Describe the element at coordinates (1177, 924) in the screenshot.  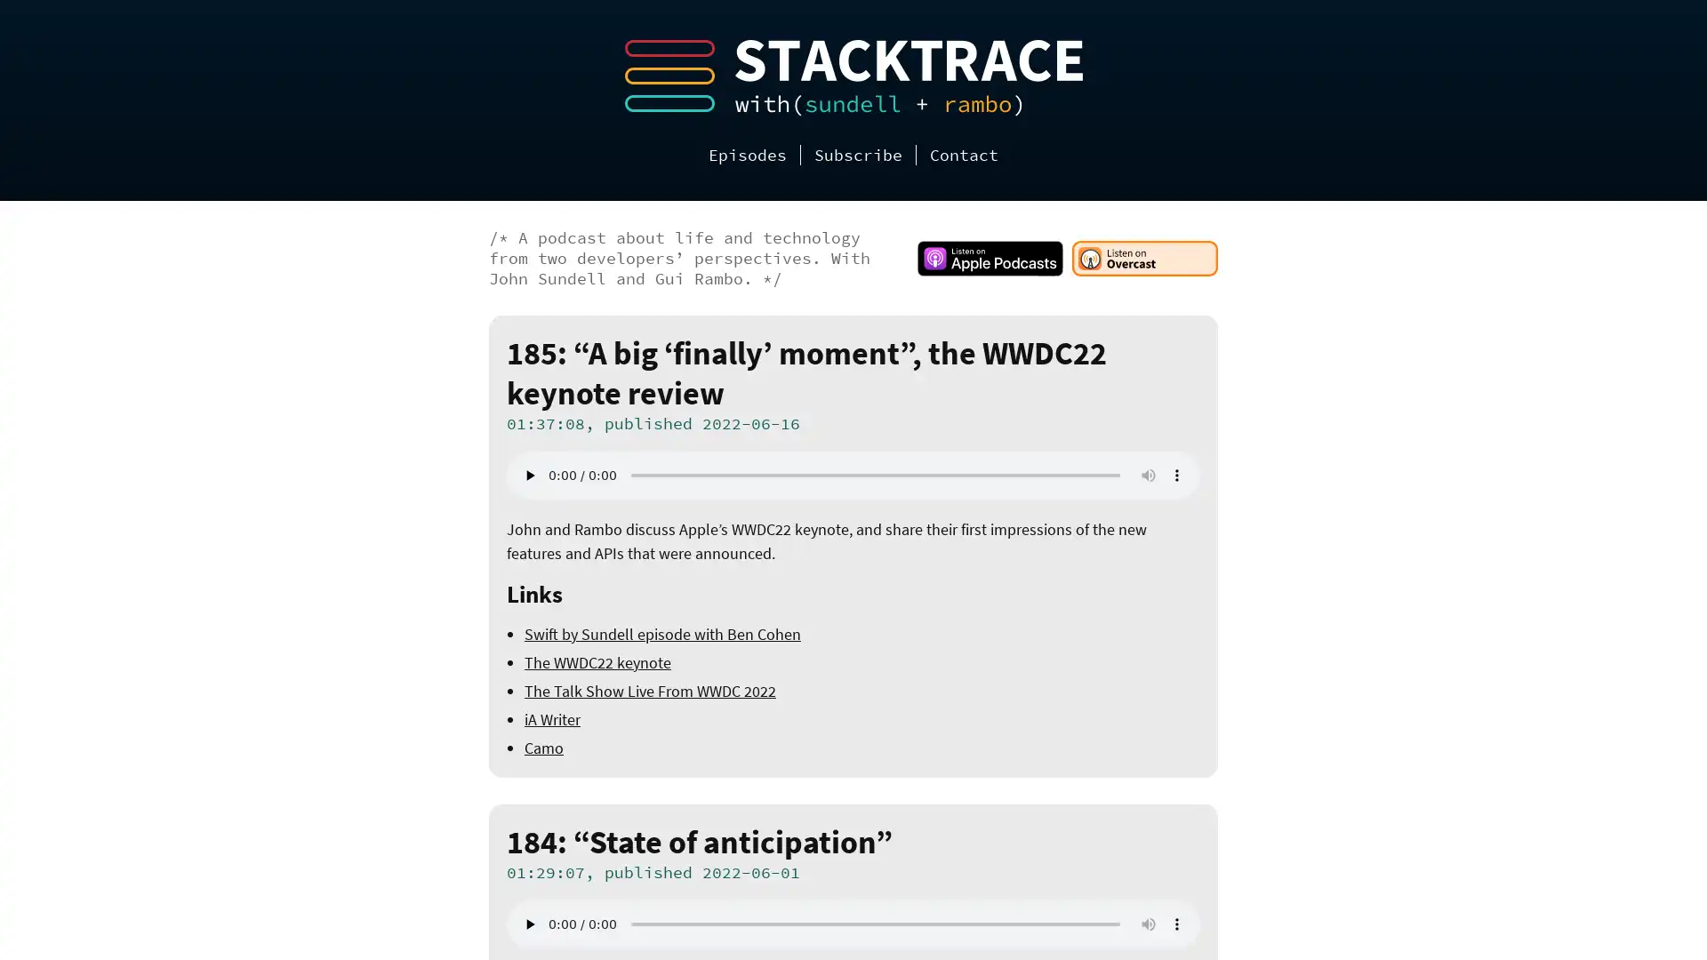
I see `show more media controls` at that location.